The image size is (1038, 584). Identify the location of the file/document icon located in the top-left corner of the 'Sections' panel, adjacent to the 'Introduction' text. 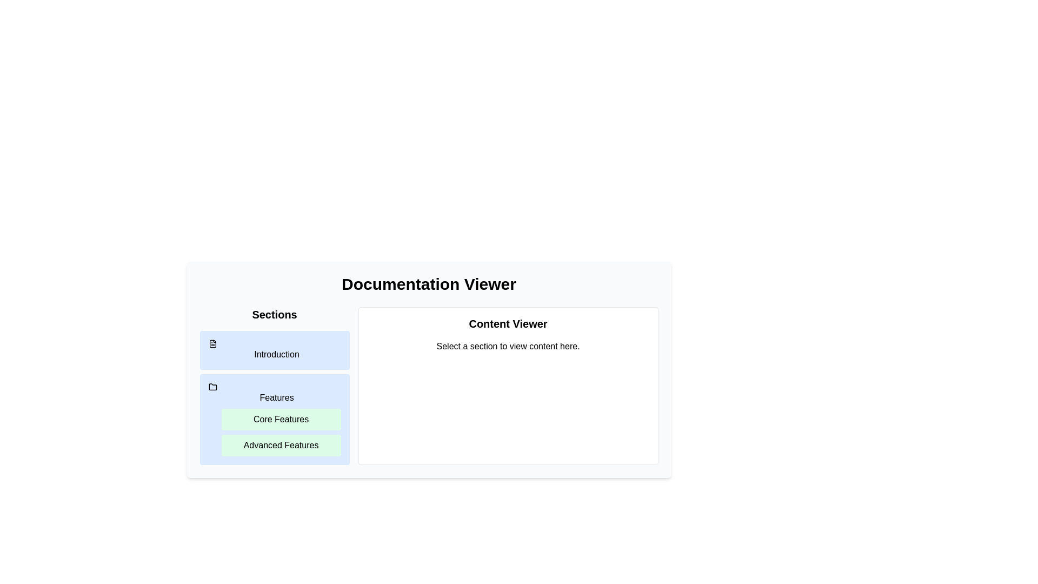
(212, 344).